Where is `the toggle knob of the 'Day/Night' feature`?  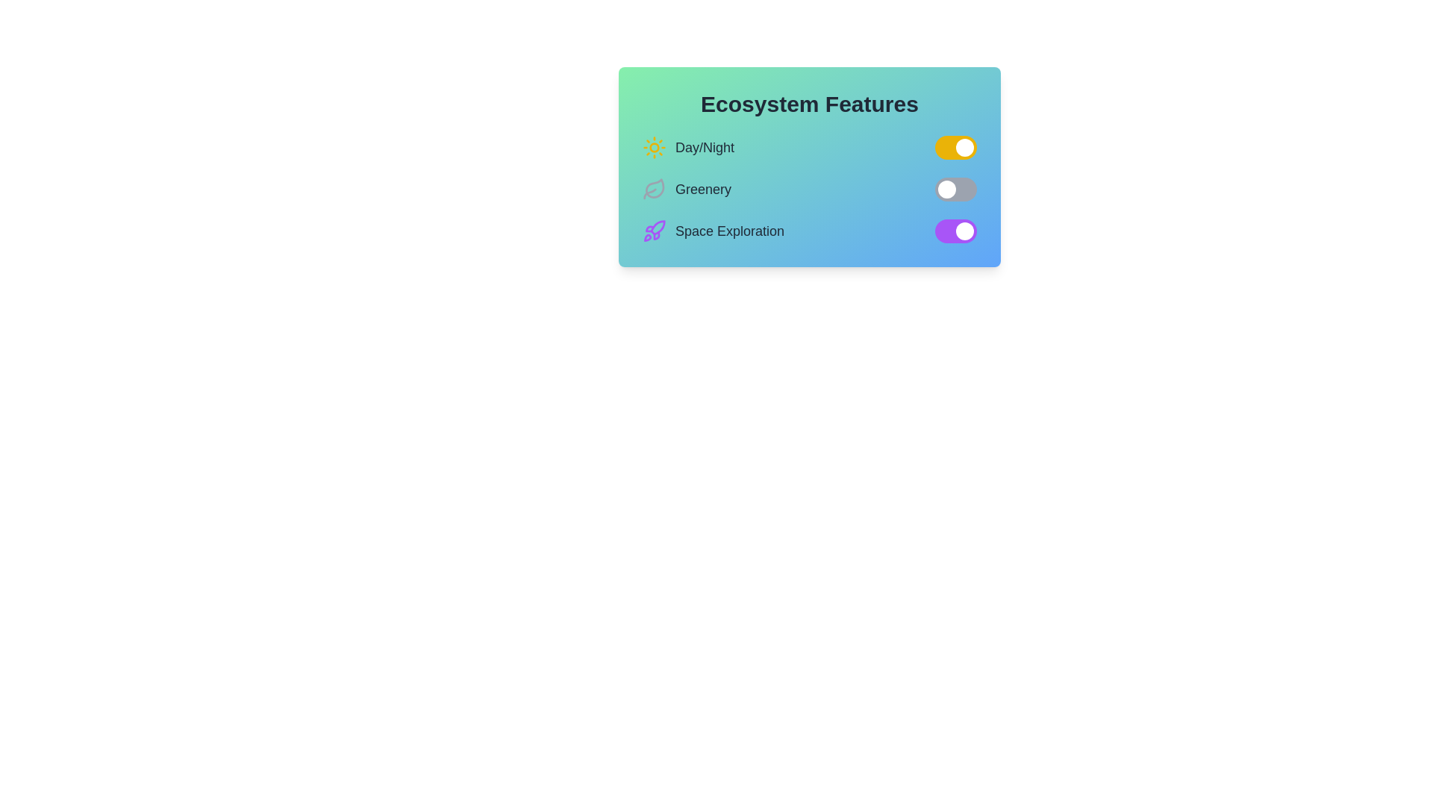
the toggle knob of the 'Day/Night' feature is located at coordinates (964, 147).